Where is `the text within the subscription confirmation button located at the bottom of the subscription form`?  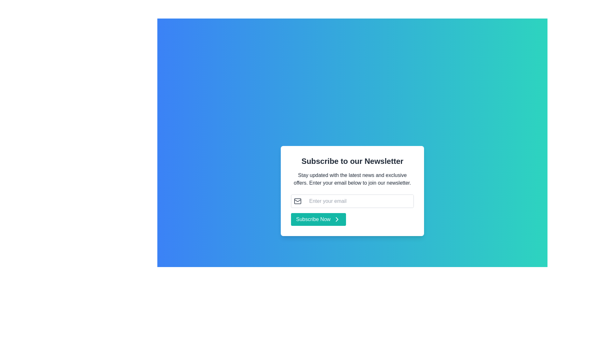
the text within the subscription confirmation button located at the bottom of the subscription form is located at coordinates (313, 219).